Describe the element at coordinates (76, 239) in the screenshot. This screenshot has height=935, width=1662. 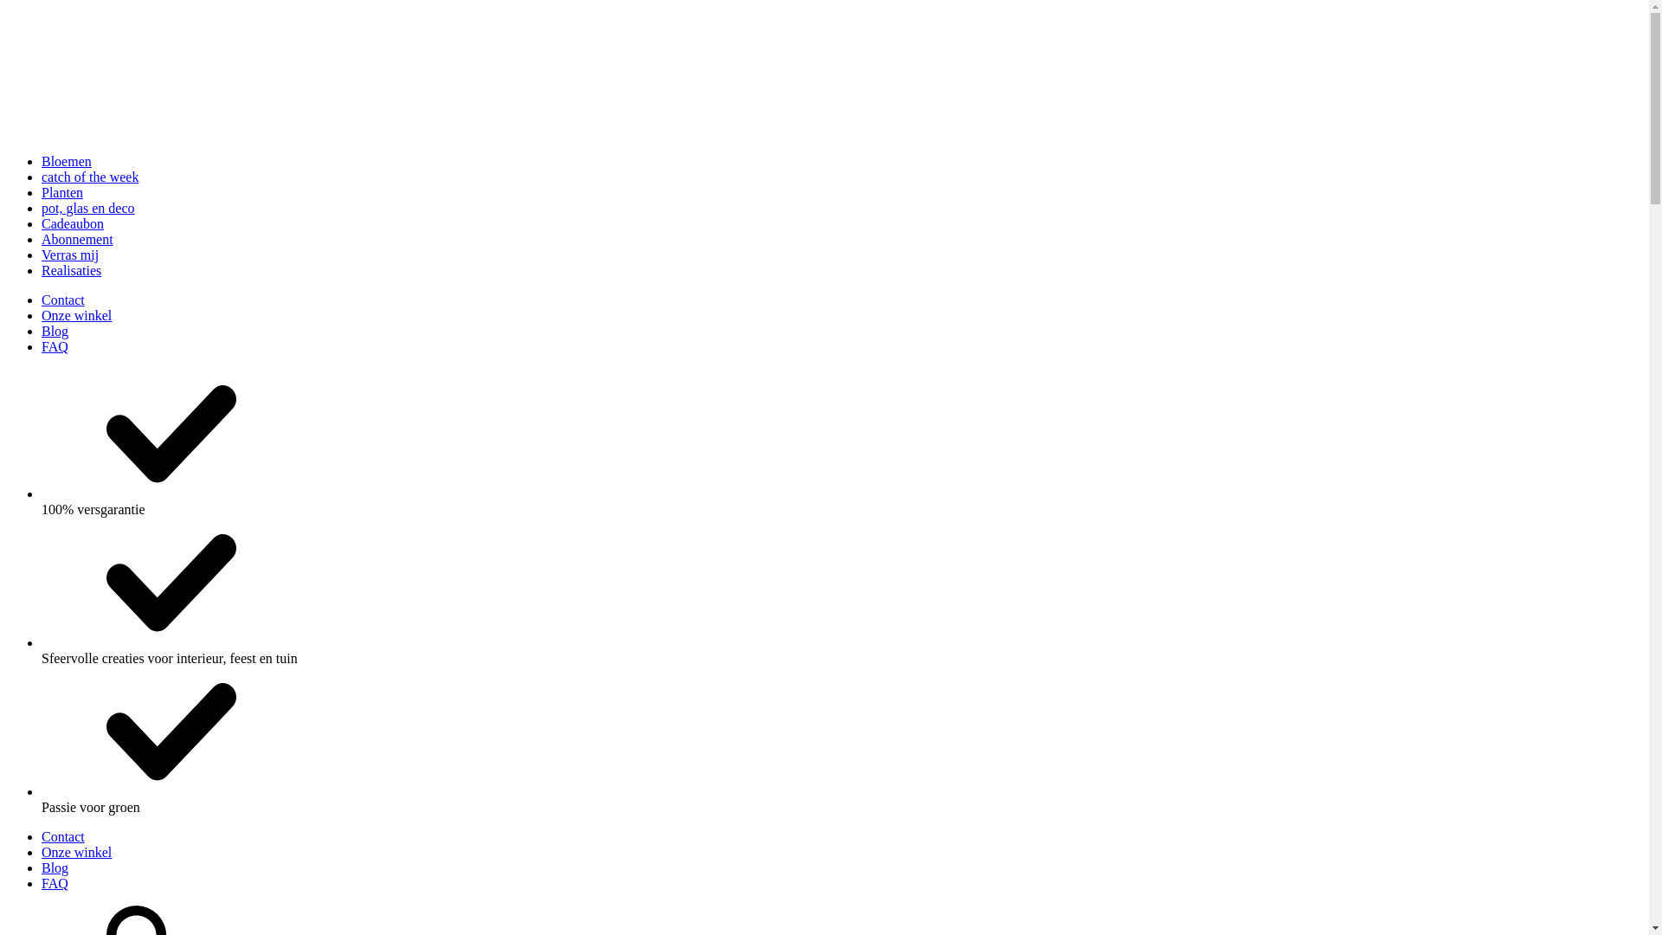
I see `'Abonnement'` at that location.